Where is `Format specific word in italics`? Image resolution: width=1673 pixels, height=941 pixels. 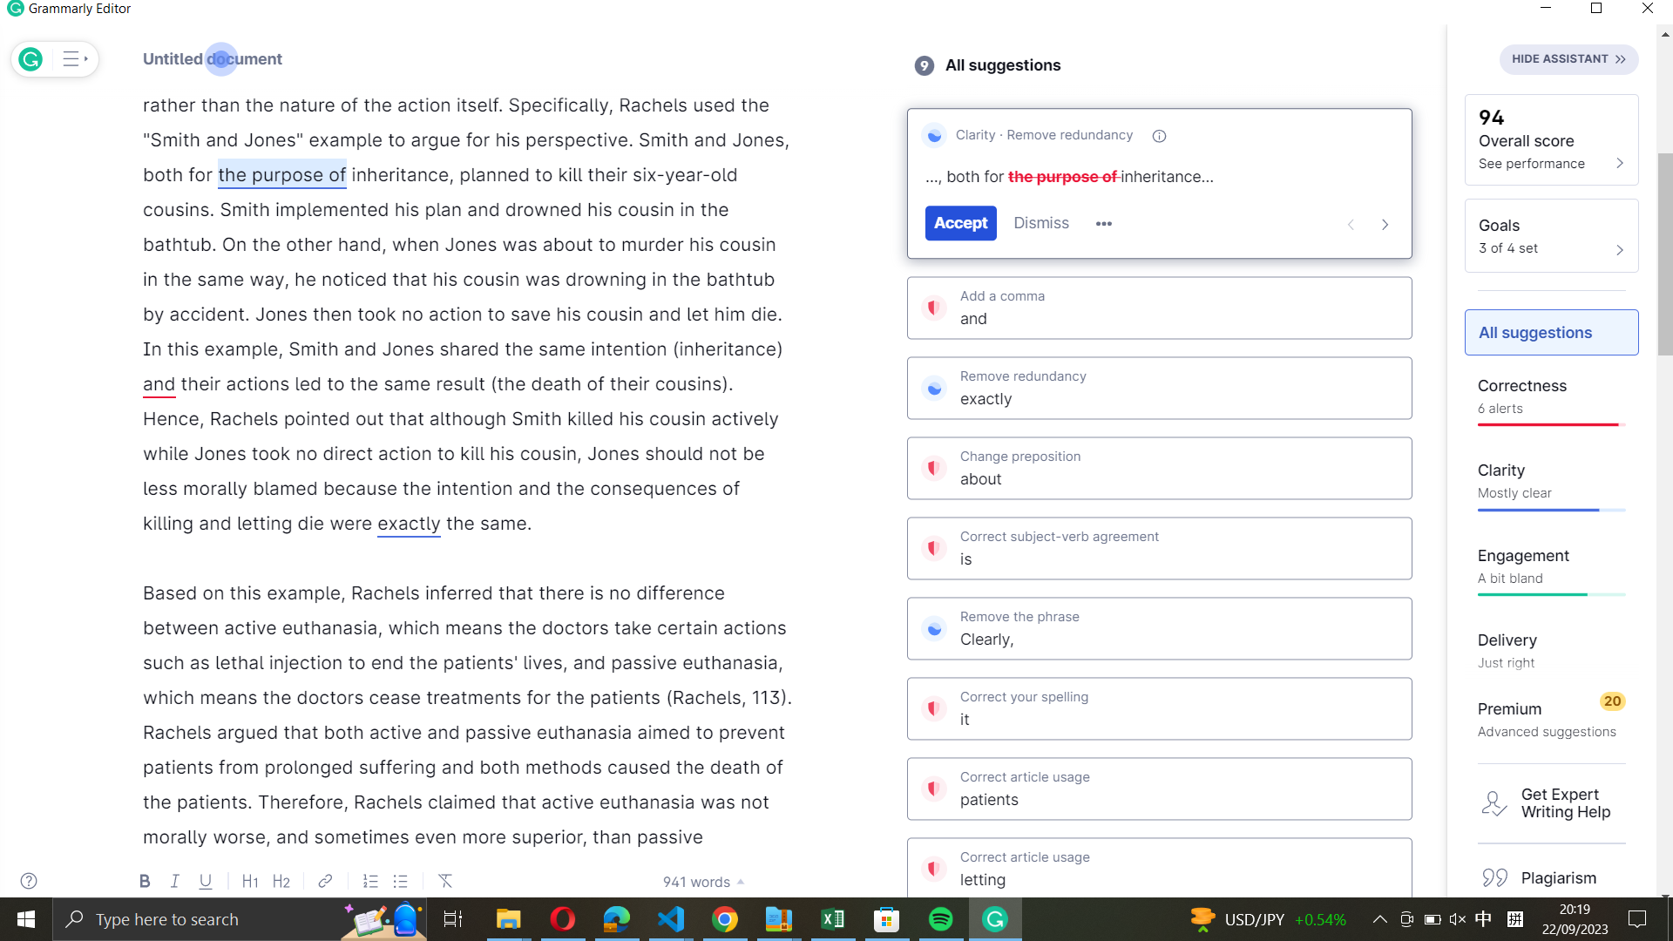
Format specific word in italics is located at coordinates (399, 174).